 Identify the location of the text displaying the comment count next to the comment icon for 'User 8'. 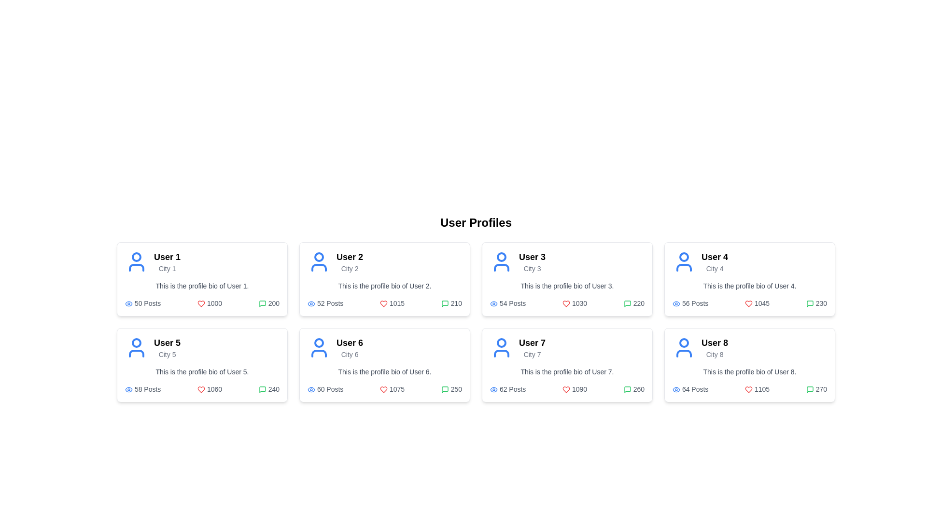
(816, 388).